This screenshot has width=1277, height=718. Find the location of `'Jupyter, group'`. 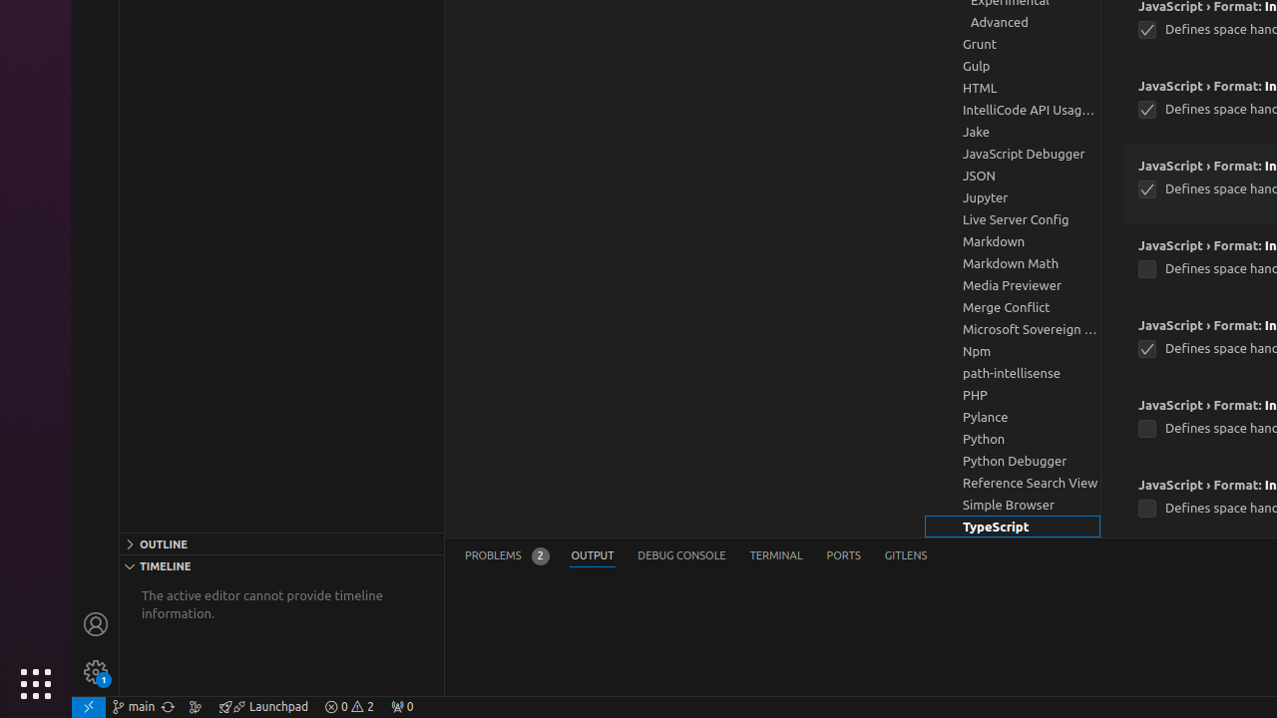

'Jupyter, group' is located at coordinates (1013, 197).